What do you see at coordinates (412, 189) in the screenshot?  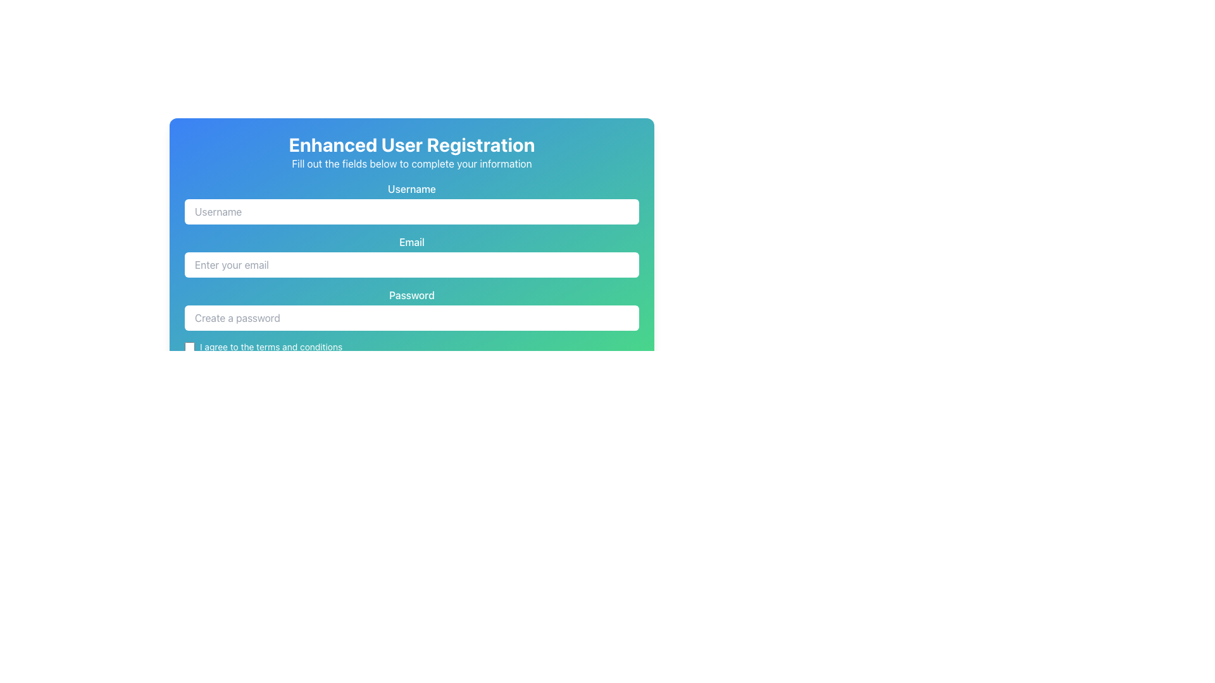 I see `the Text Label that describes the input field for 'Username', located at the top-left portion of the form interface` at bounding box center [412, 189].